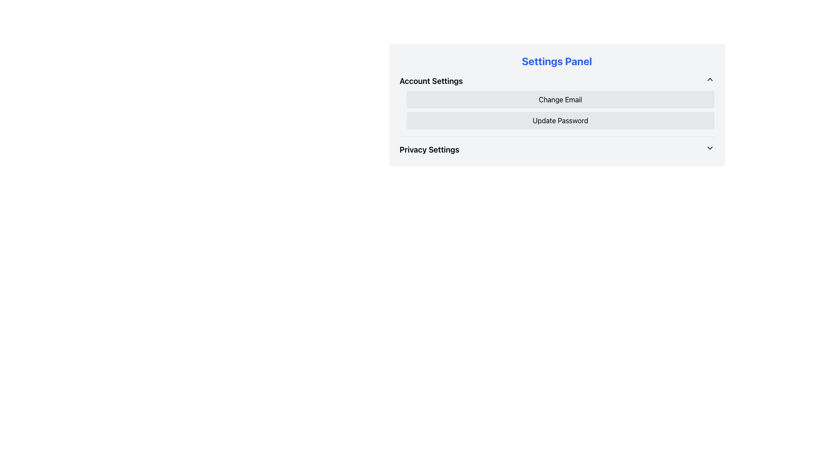 This screenshot has width=839, height=472. I want to click on the Chevron icon (expand/collapse button) located at the far-right end of the 'Privacy Settings' row, so click(710, 148).